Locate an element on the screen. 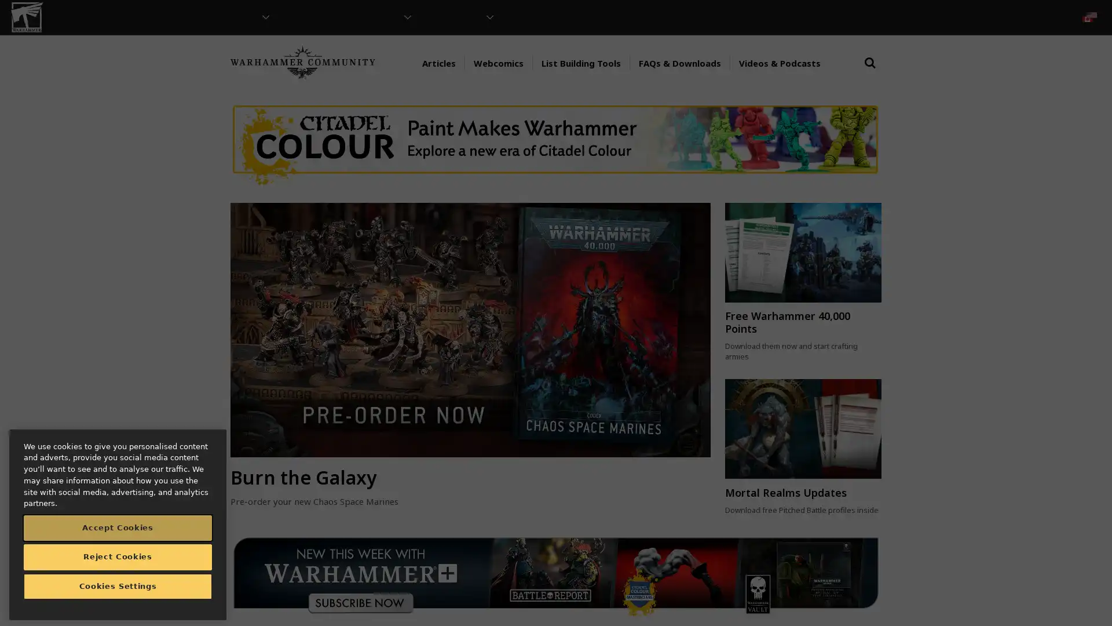 The width and height of the screenshot is (1112, 626). Accept Cookies is located at coordinates (118, 527).